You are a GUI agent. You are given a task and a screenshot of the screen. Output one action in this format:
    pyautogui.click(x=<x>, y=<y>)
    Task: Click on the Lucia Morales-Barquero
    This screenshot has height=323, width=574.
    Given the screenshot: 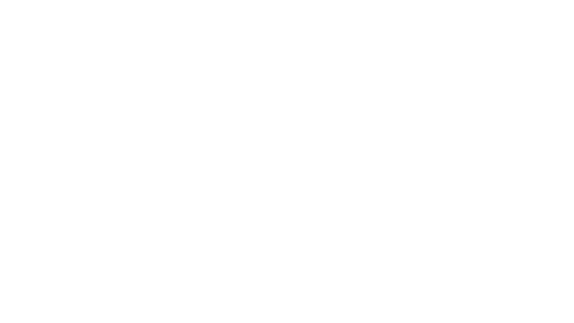 What is the action you would take?
    pyautogui.click(x=311, y=73)
    